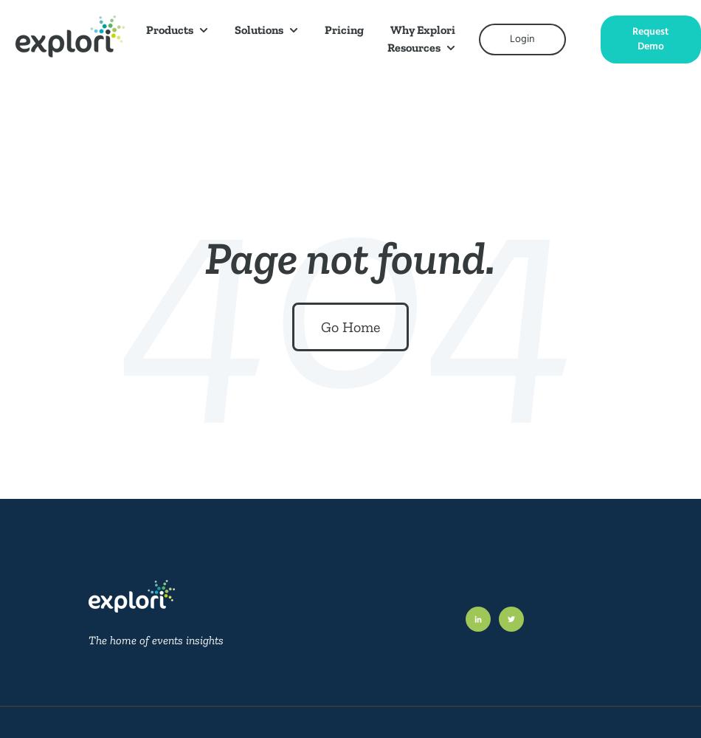 The image size is (701, 738). Describe the element at coordinates (145, 30) in the screenshot. I see `'Products'` at that location.